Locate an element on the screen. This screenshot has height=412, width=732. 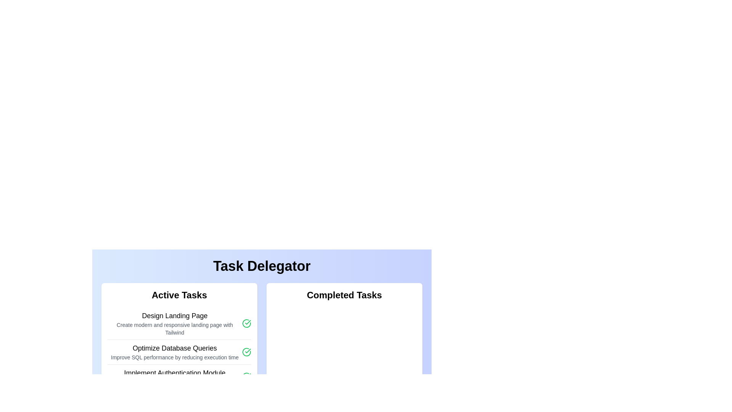
the green circular icon with a checkmark, indicating a completed status, located to the right of the text 'Optimize Database Queries' in the 'Active Tasks' section of the 'Task Delegator' is located at coordinates (247, 352).